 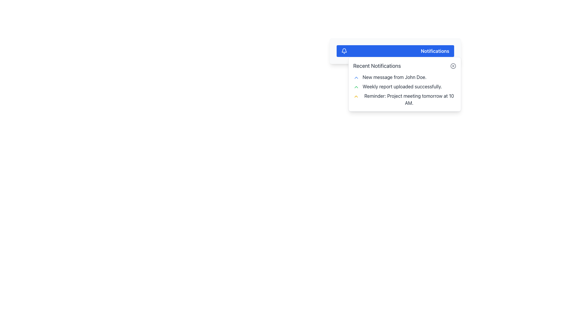 I want to click on the small upward chevron icon styled in yellow, located in the leftmost position of the alert bar indicating 'Reminder: Project meeting tomorrow at 10 AM', so click(x=355, y=96).